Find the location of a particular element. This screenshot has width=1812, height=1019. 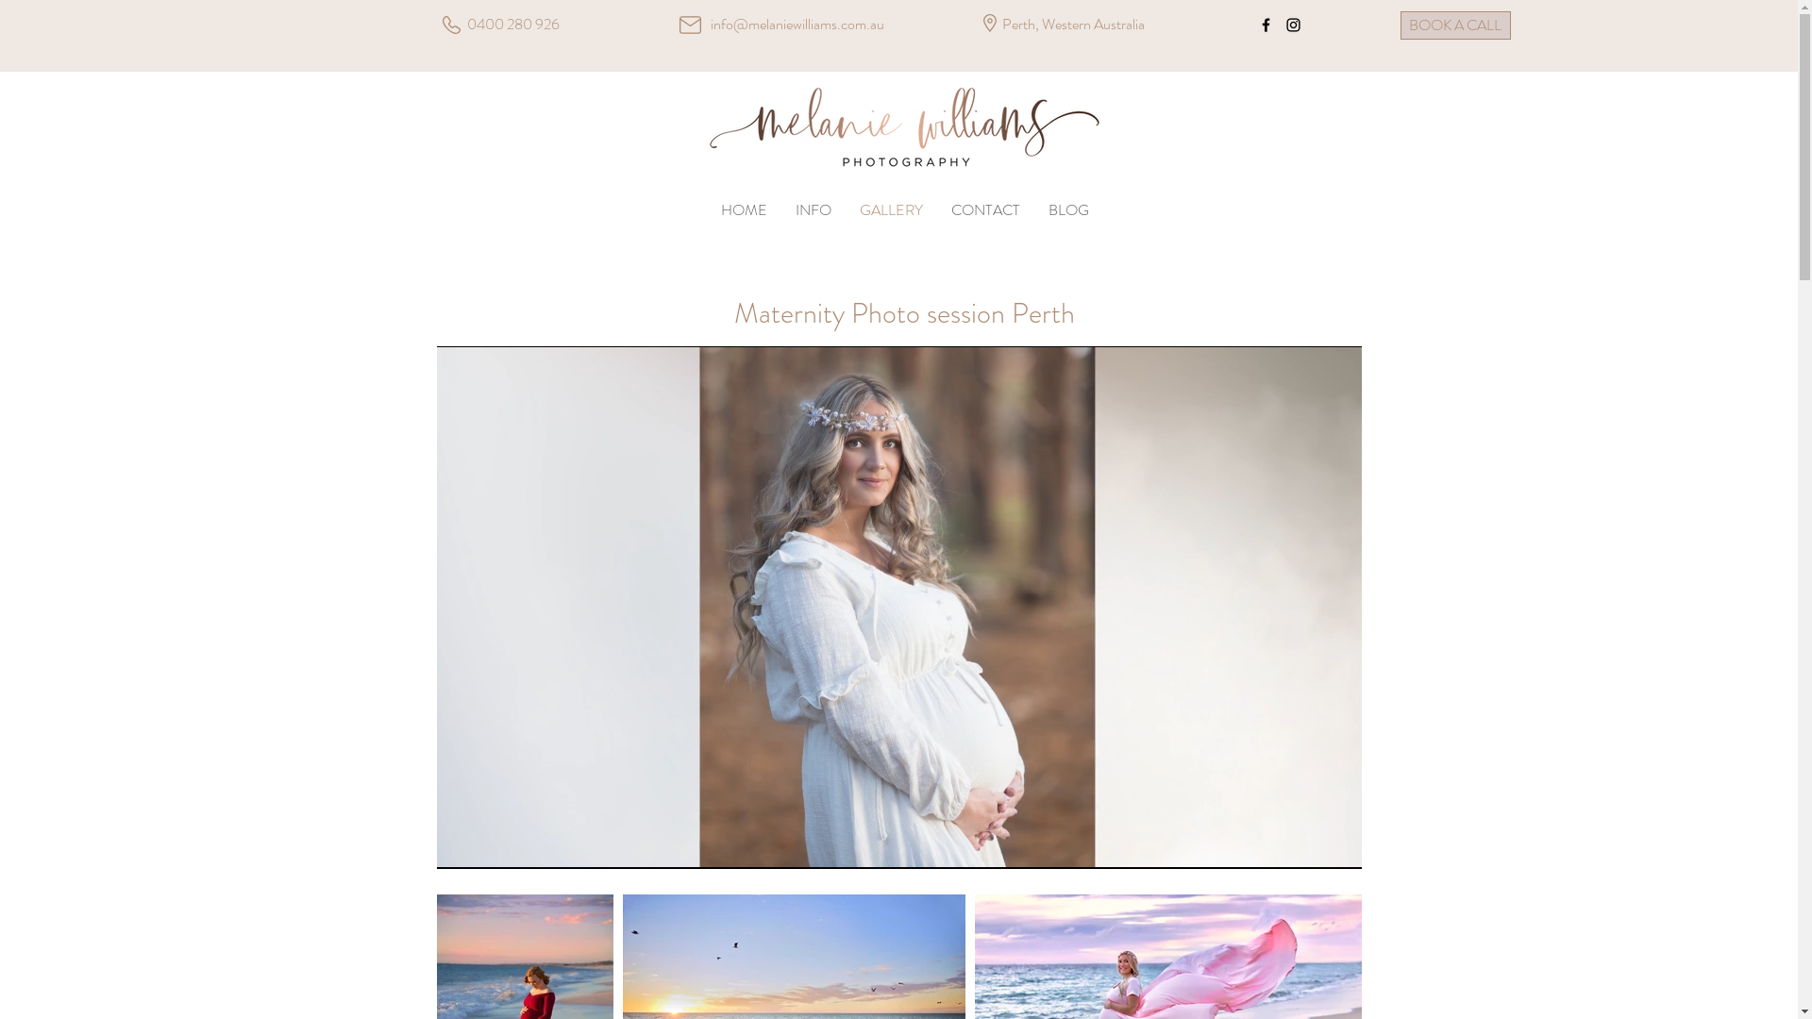

'GALLERY' is located at coordinates (845, 210).